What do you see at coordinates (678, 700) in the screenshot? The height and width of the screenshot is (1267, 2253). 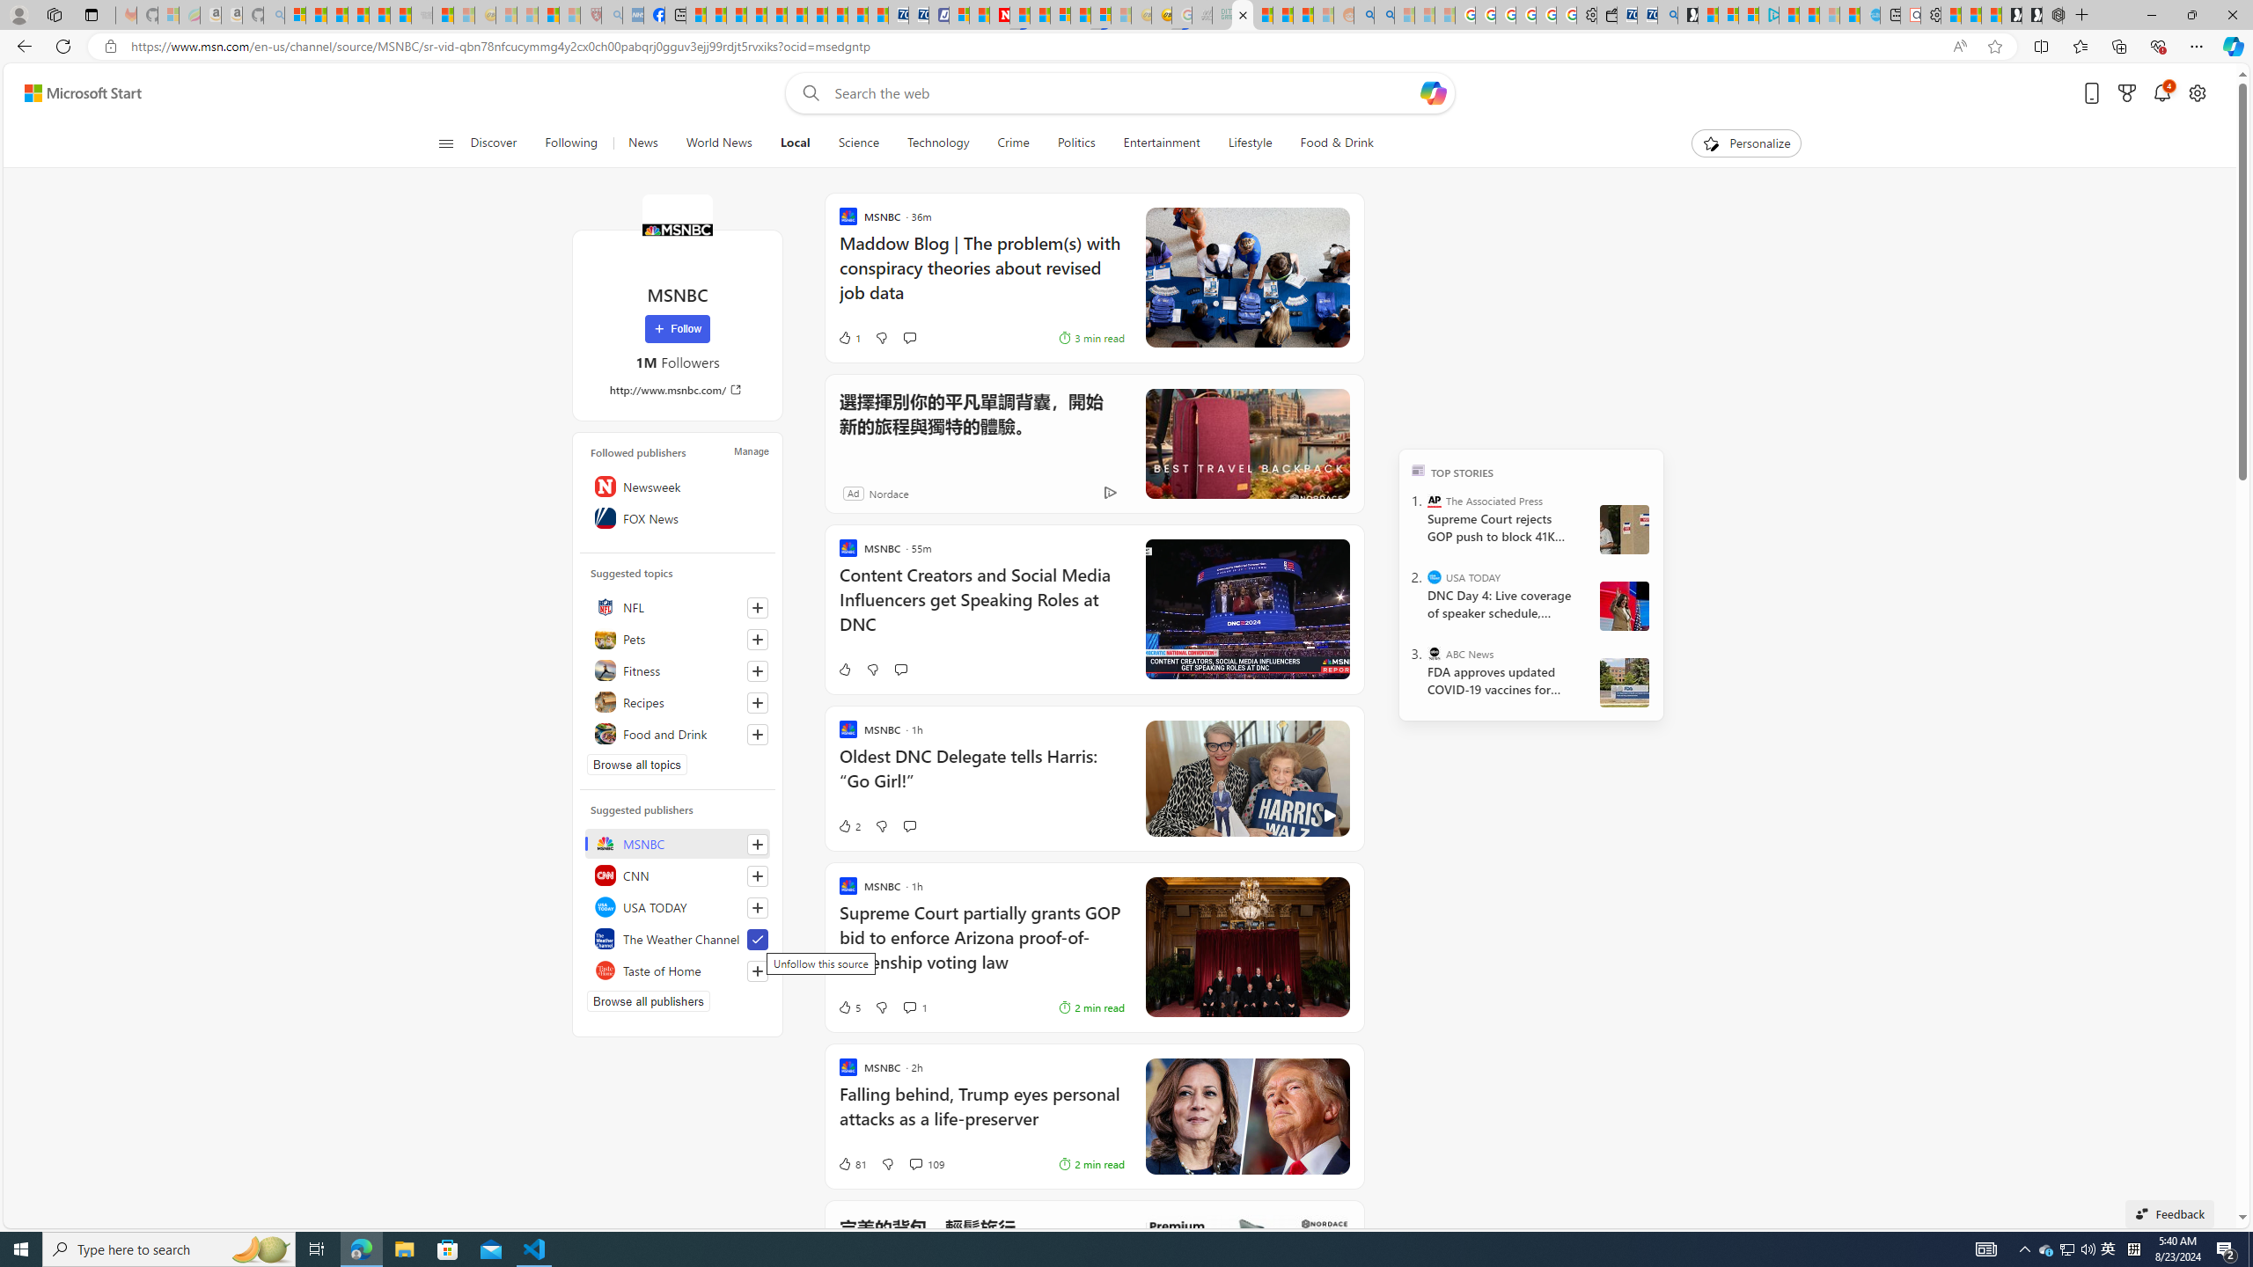 I see `'Recipes'` at bounding box center [678, 700].